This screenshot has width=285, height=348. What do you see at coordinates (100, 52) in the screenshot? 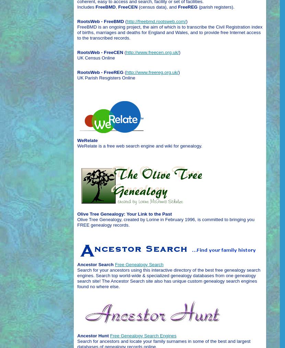
I see `'RootsWeb - FreeCEN'` at bounding box center [100, 52].